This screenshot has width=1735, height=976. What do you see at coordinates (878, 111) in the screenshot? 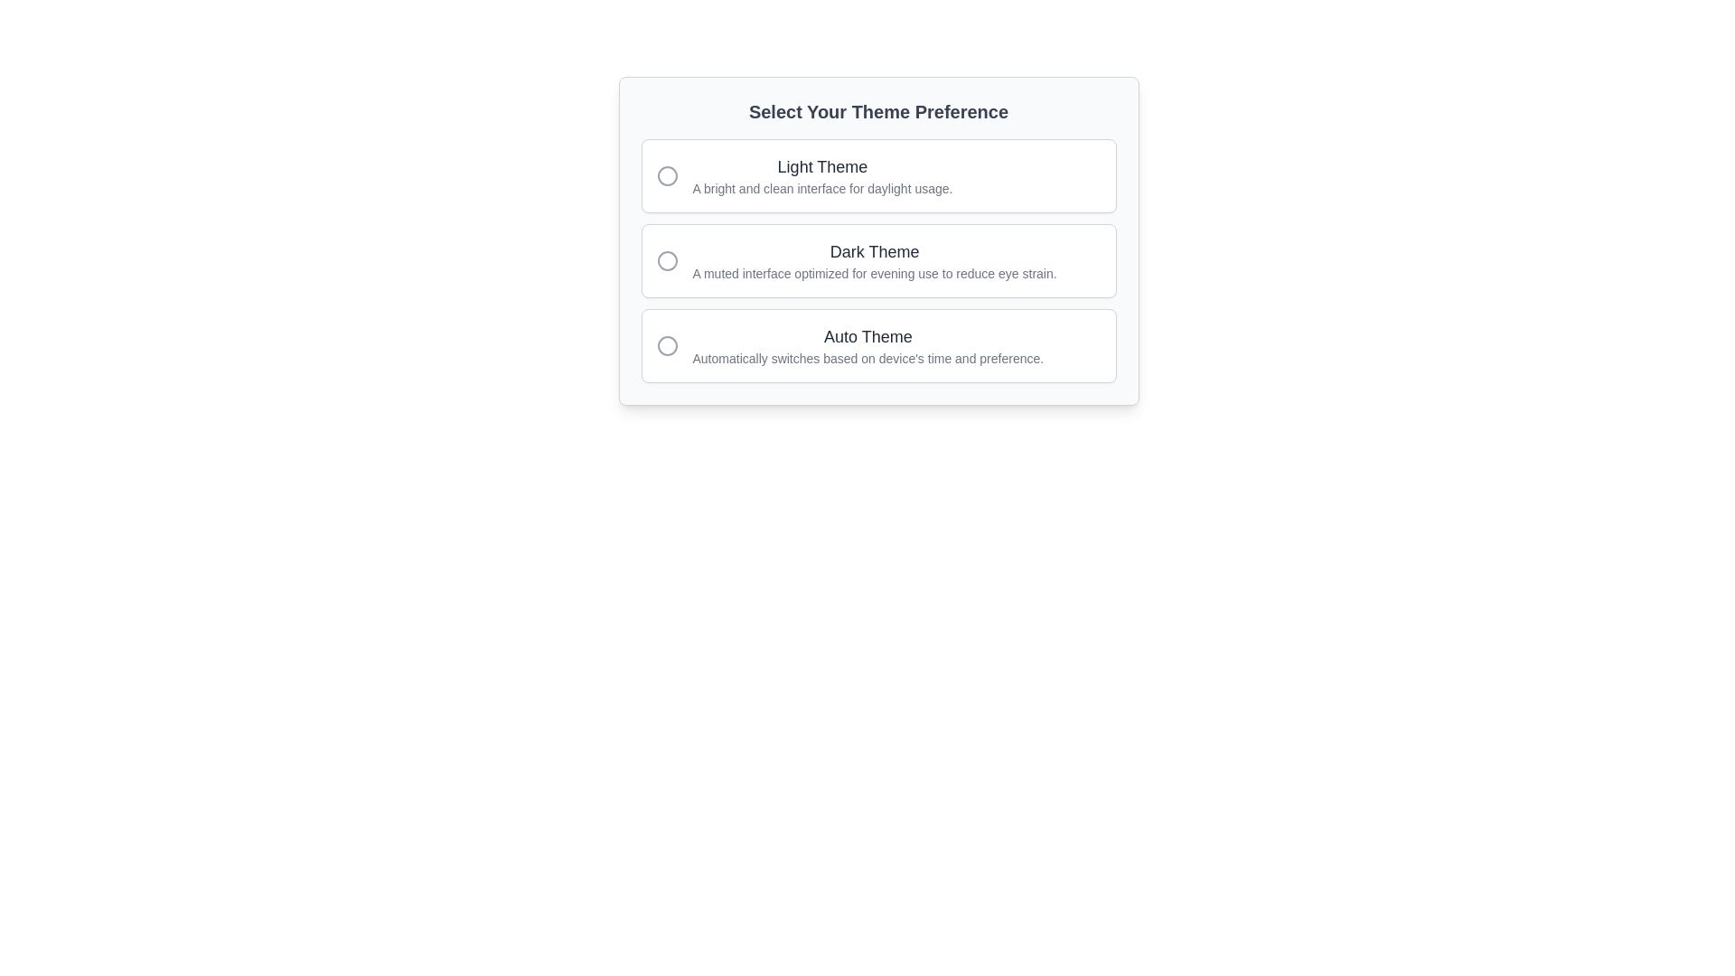
I see `title text element that provides context for selecting a theme preference, positioned above the group of radio buttons` at bounding box center [878, 111].